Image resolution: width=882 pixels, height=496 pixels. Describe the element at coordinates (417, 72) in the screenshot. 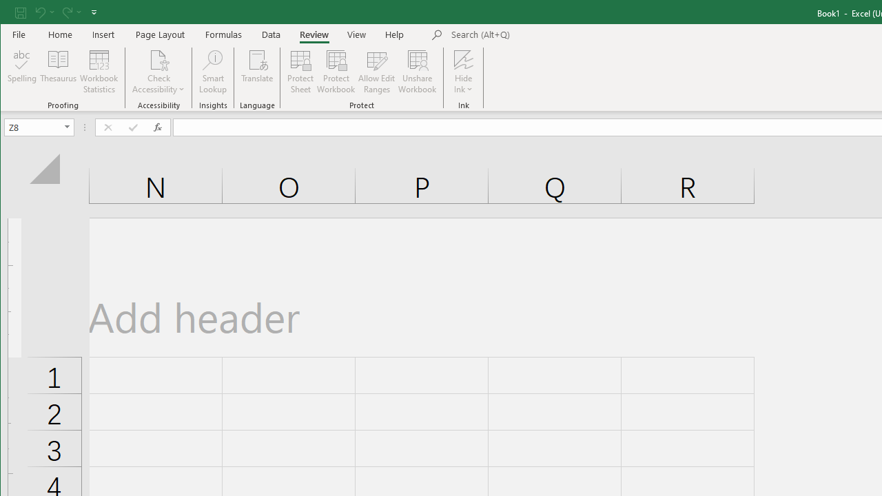

I see `'Unshare Workbook'` at that location.